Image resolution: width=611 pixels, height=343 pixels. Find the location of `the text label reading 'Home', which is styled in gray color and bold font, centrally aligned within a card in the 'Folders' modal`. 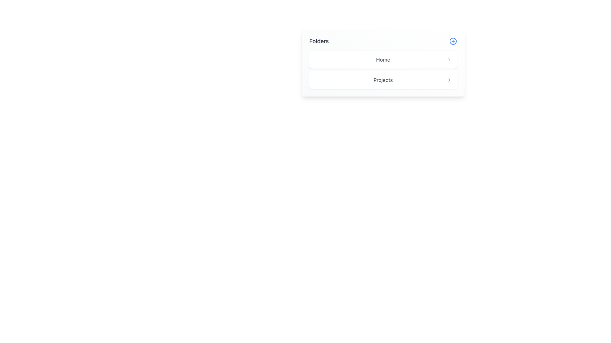

the text label reading 'Home', which is styled in gray color and bold font, centrally aligned within a card in the 'Folders' modal is located at coordinates (383, 60).